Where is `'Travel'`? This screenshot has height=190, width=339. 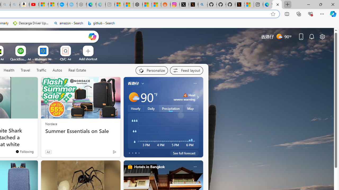
'Travel' is located at coordinates (25, 70).